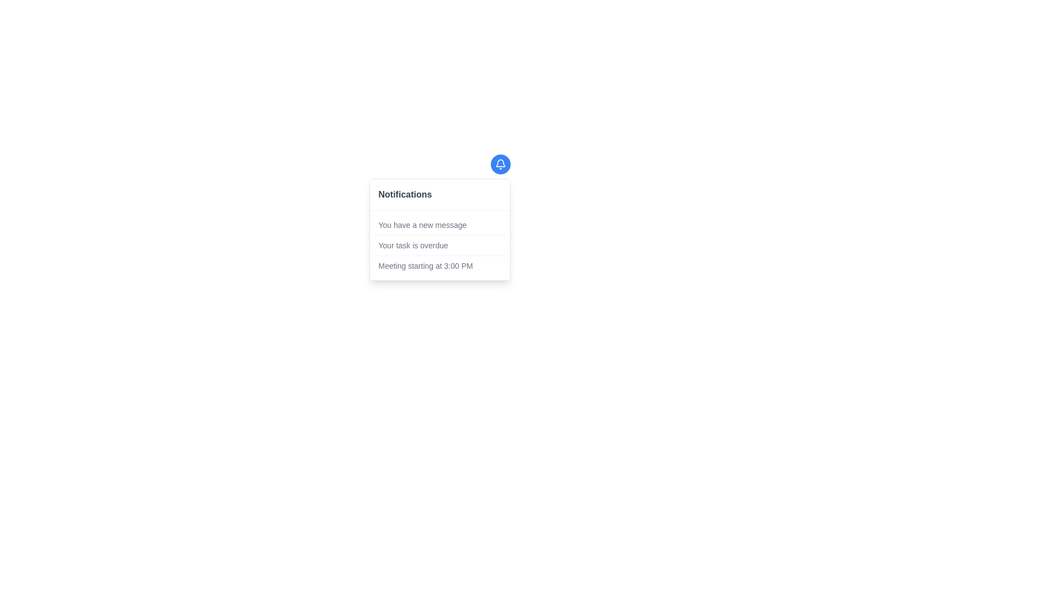 The image size is (1060, 596). Describe the element at coordinates (500, 164) in the screenshot. I see `the notification indicator bell icon` at that location.